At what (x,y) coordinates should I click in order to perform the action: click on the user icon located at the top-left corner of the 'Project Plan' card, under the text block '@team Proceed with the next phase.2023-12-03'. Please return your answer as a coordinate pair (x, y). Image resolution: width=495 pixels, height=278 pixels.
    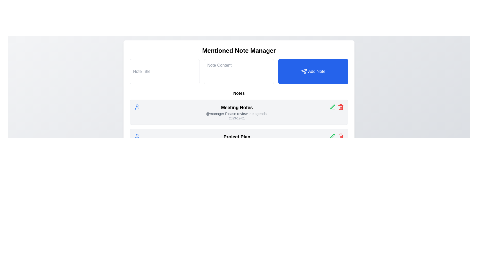
    Looking at the image, I should click on (137, 136).